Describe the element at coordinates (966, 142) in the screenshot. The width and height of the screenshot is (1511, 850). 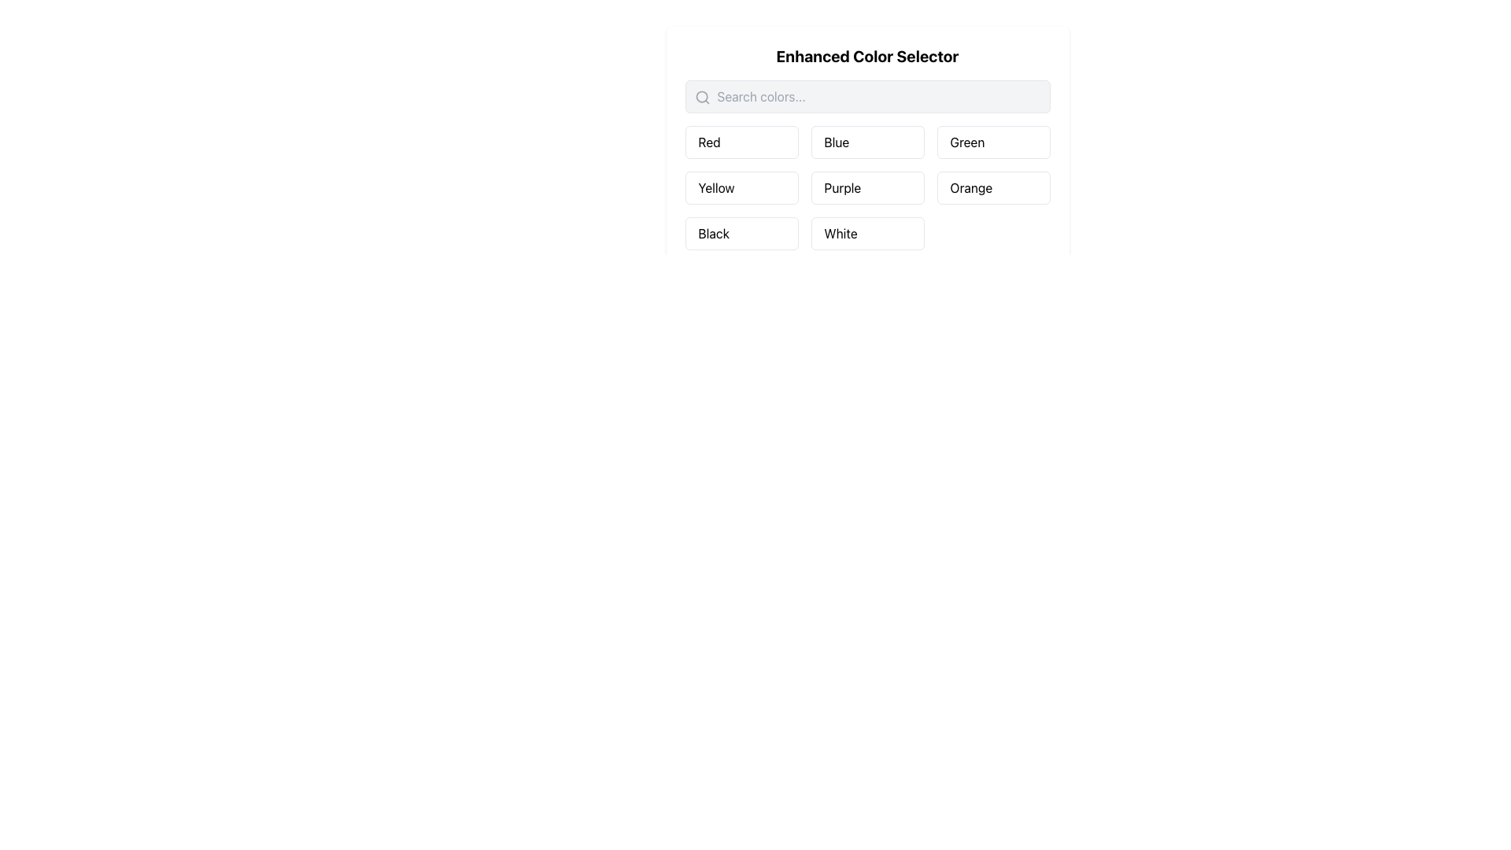
I see `the text label displaying 'Green'` at that location.